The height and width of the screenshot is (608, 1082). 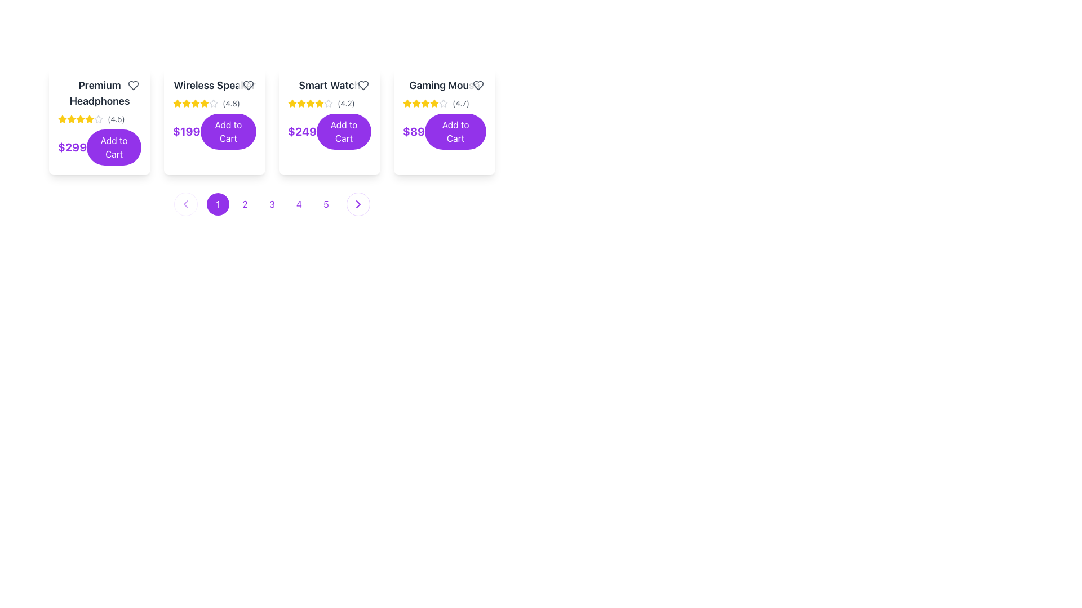 What do you see at coordinates (357, 204) in the screenshot?
I see `the purple circular button with a rightward pointing chevron icon, which is part of the pagination system located at the bottom center of the interface` at bounding box center [357, 204].